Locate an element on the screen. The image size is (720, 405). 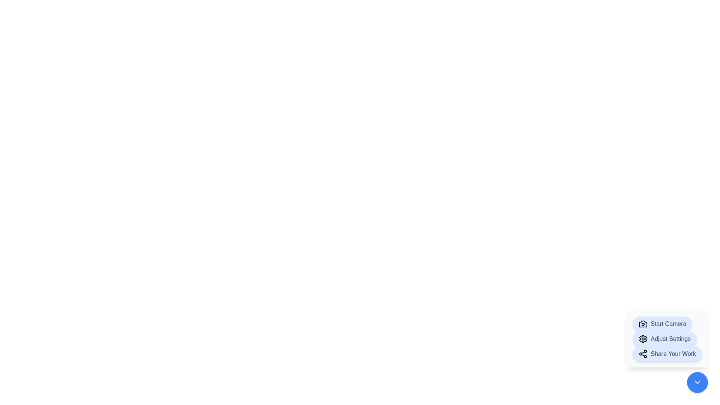
the share button located at the bottom right section of the interface for customization, as it is the third button in a vertical stack of three, positioned below the 'Adjust Settings' button is located at coordinates (667, 351).